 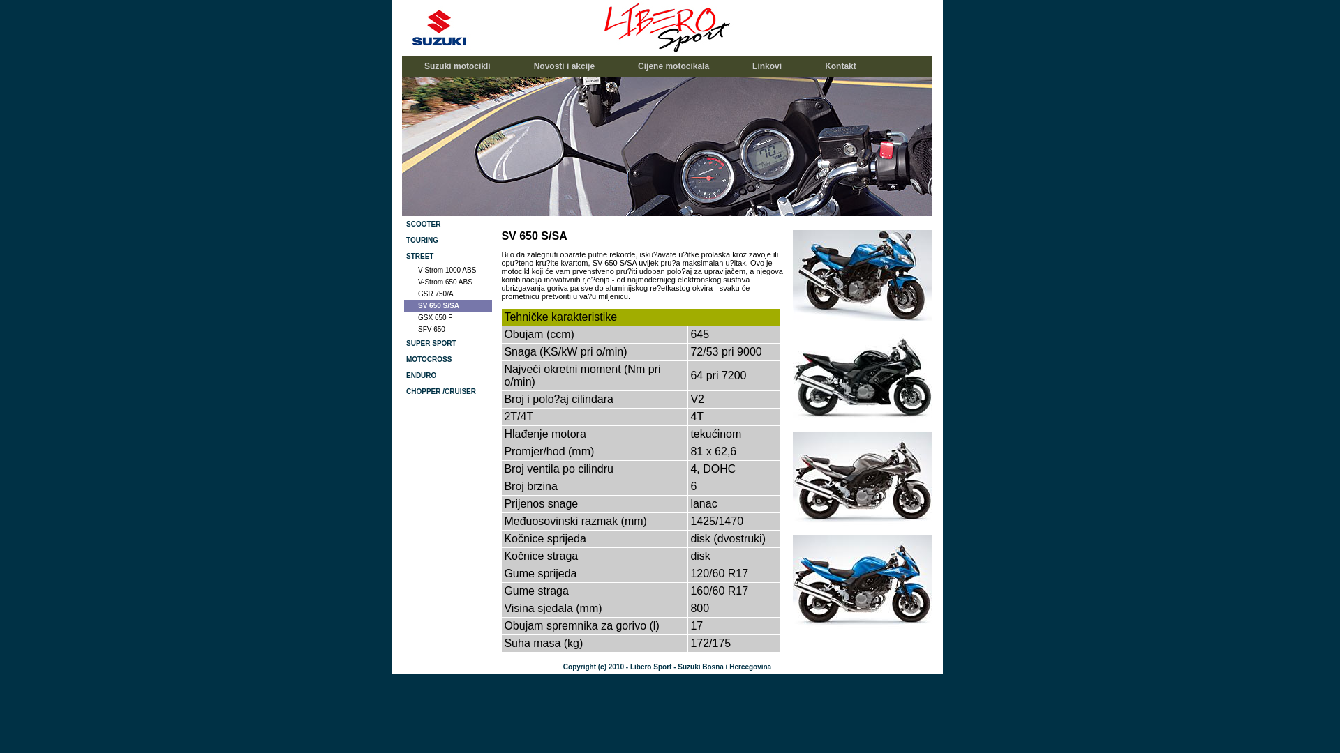 I want to click on 'Kontakt', so click(x=840, y=66).